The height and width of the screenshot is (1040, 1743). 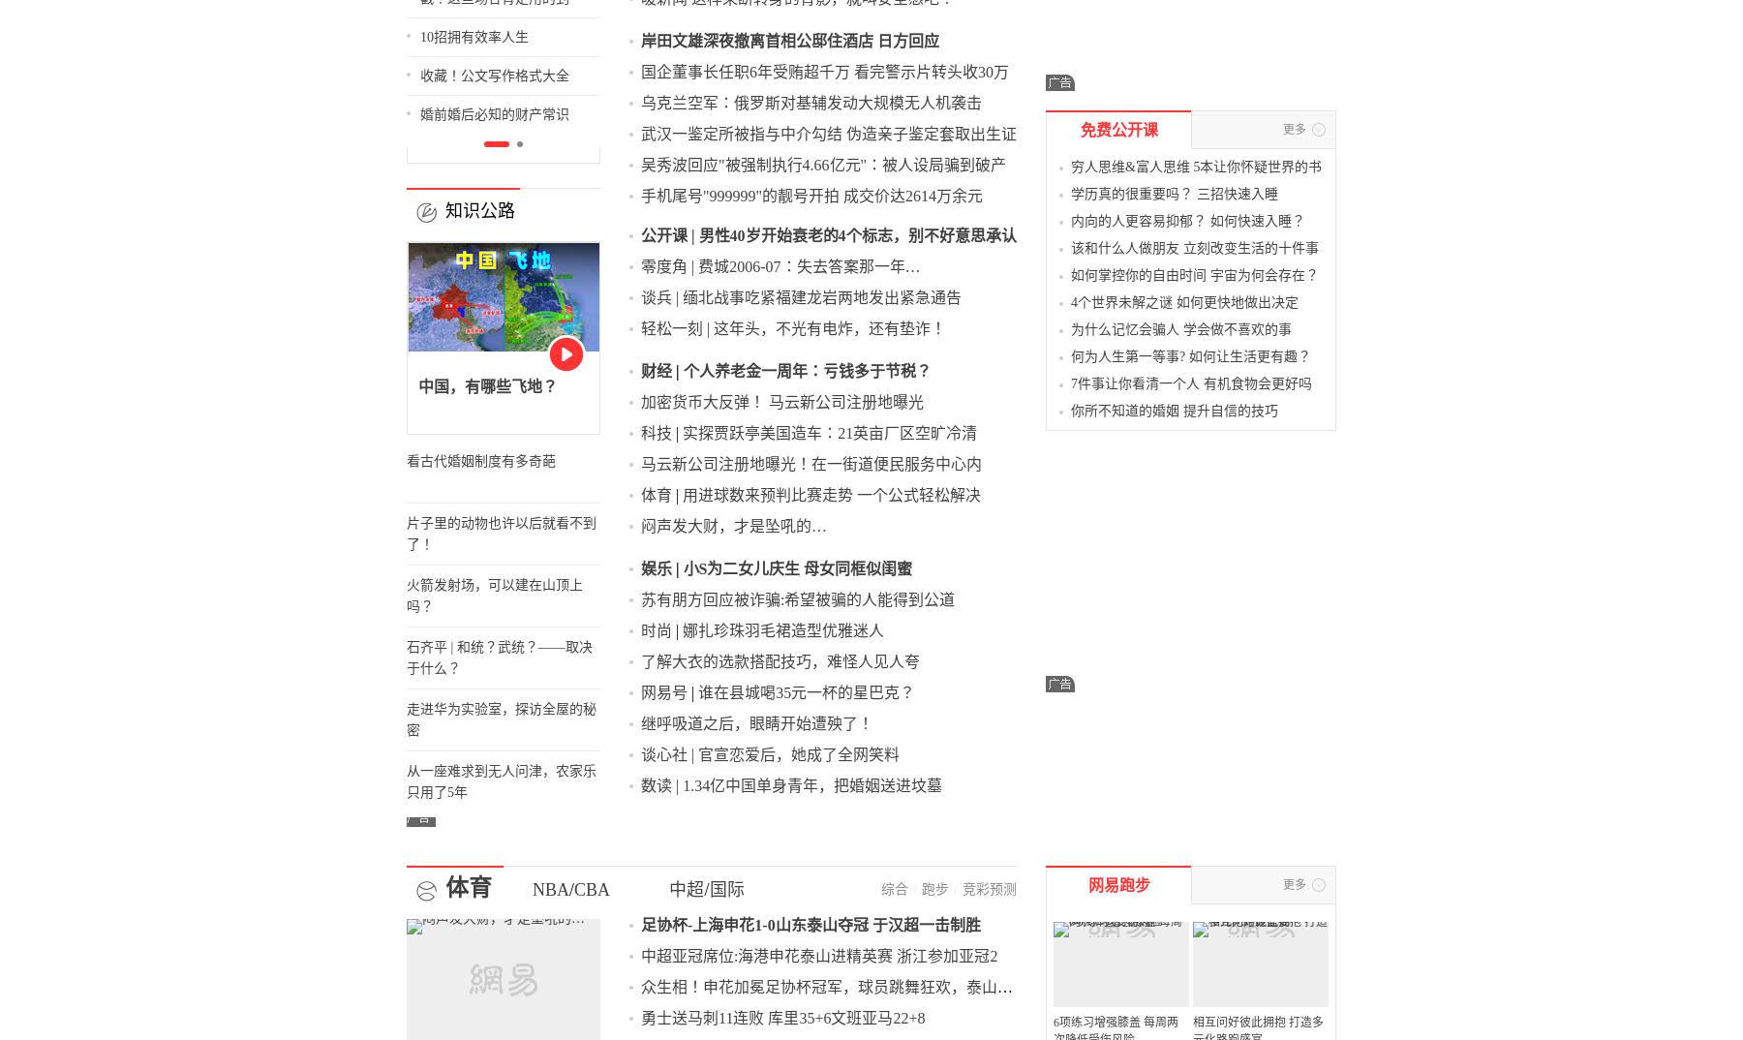 I want to click on '苏有朋方回应被诈骗:希望被骗的人能得到公道', so click(x=884, y=473).